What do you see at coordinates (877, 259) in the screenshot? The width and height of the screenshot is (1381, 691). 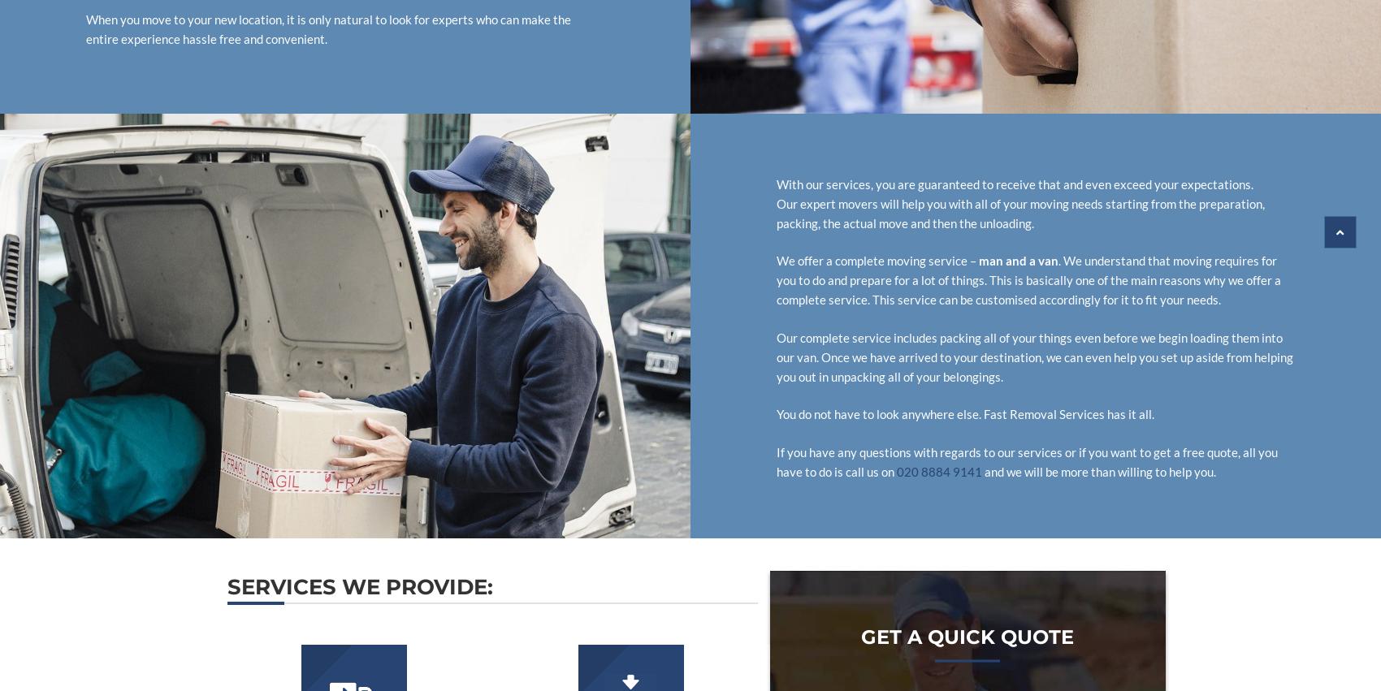 I see `'We offer a complete moving service –'` at bounding box center [877, 259].